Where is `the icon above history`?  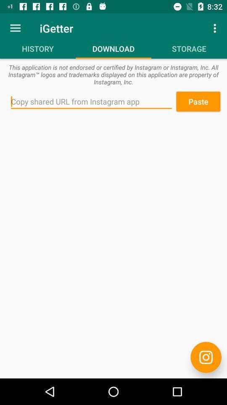
the icon above history is located at coordinates (15, 28).